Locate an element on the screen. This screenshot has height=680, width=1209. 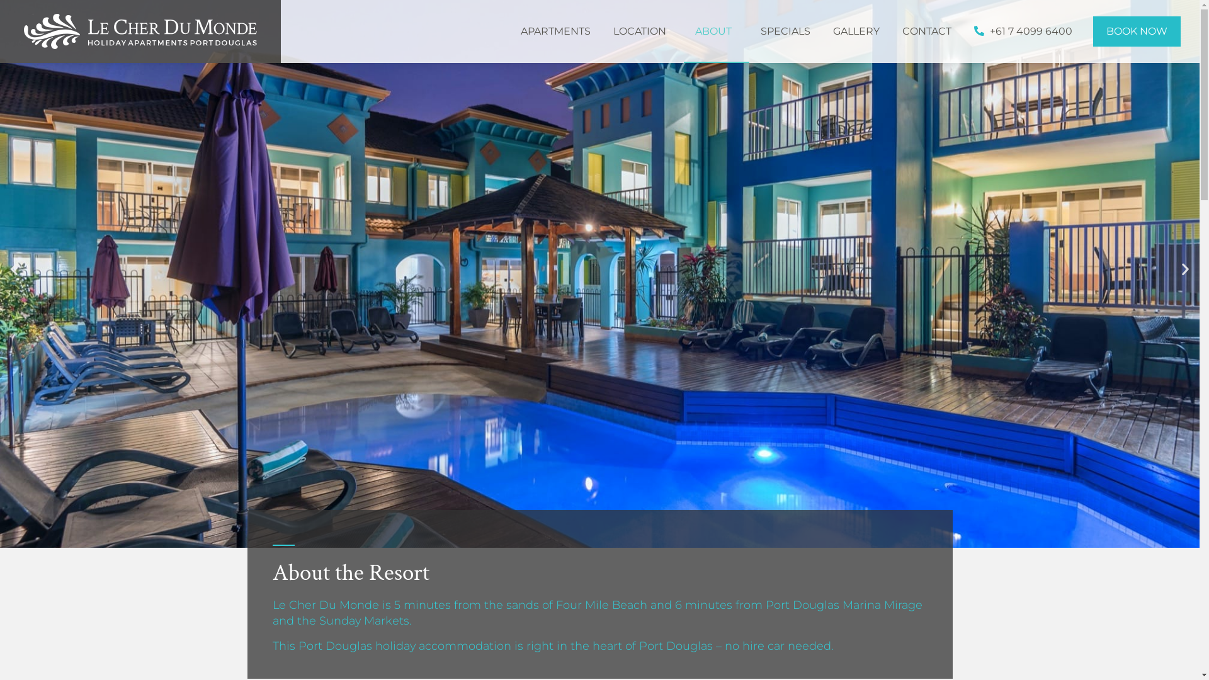
'SPECIALS' is located at coordinates (785, 31).